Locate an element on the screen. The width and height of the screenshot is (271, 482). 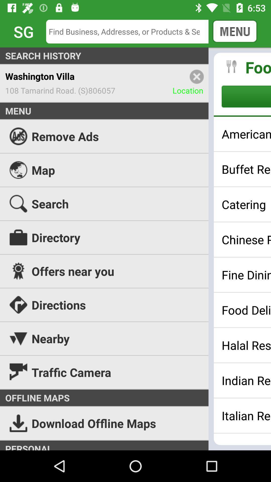
searching is located at coordinates (131, 31).